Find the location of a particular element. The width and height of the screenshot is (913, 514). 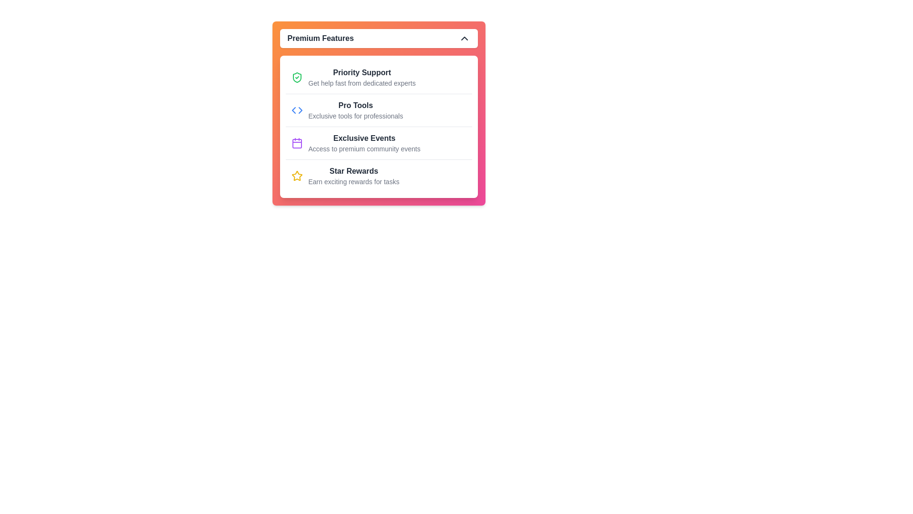

the star icon representing the 'Star Rewards' feature is located at coordinates (296, 176).